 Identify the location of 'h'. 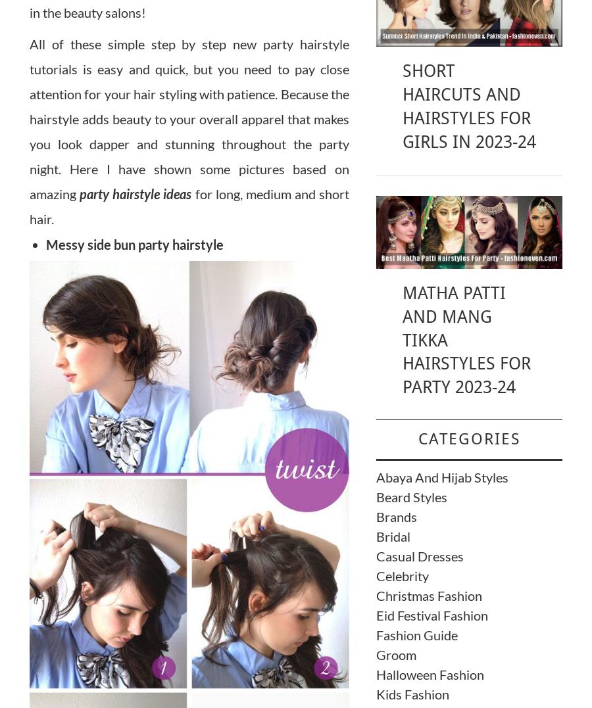
(116, 193).